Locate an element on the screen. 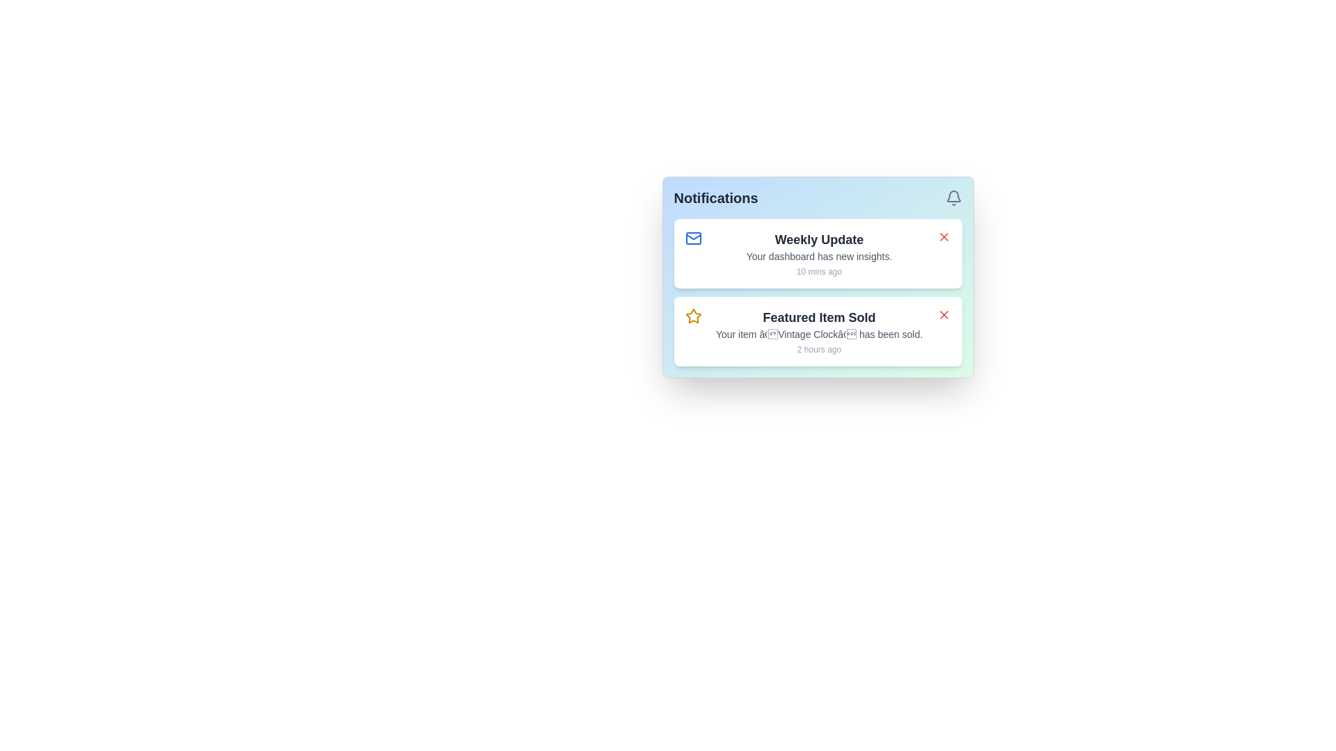  notification titled 'Weekly Update' which states 'Your dashboard has new insights.' and was updated '10 mins ago.' is located at coordinates (819, 254).